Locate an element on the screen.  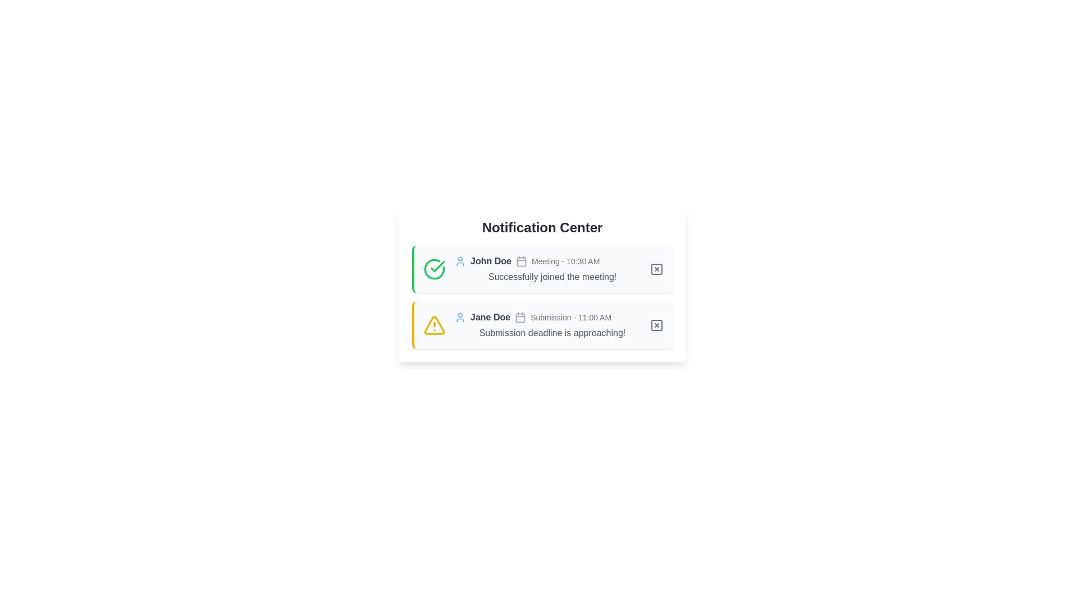
the bolded text label displaying 'Jane Doe' in the second notification of the Notification Center is located at coordinates (490, 318).